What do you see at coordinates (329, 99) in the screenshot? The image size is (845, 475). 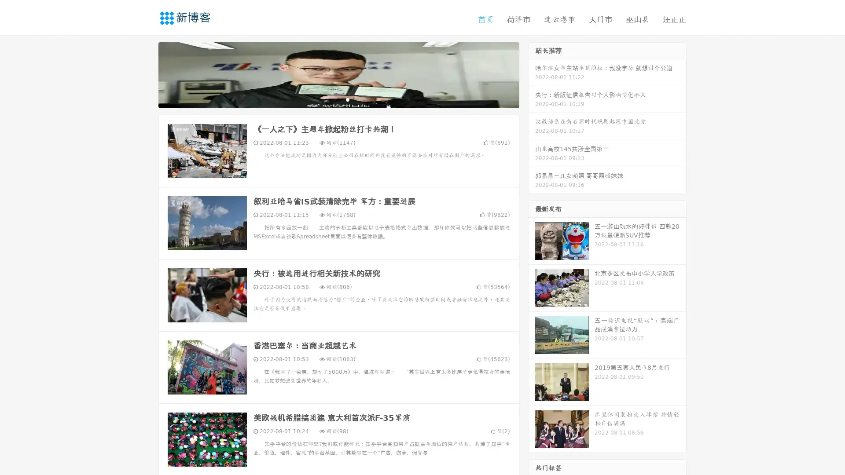 I see `Go to slide 1` at bounding box center [329, 99].